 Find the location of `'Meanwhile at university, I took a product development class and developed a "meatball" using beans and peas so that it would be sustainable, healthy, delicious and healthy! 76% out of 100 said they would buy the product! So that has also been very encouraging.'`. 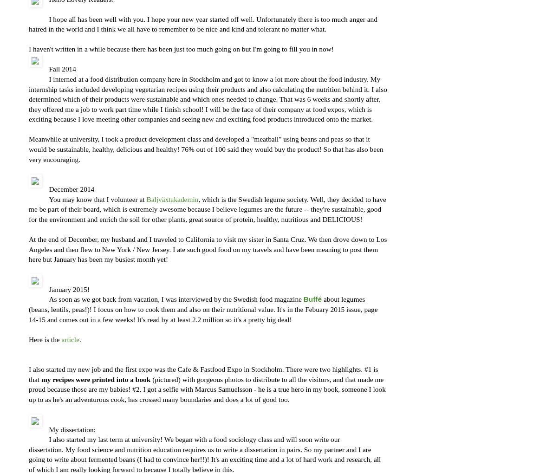

'Meanwhile at university, I took a product development class and developed a "meatball" using beans and peas so that it would be sustainable, healthy, delicious and healthy! 76% out of 100 said they would buy the product! So that has also been very encouraging.' is located at coordinates (206, 148).